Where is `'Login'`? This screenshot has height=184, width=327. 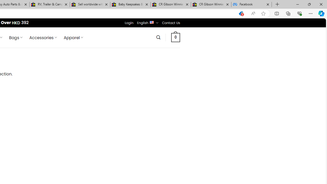 'Login' is located at coordinates (129, 22).